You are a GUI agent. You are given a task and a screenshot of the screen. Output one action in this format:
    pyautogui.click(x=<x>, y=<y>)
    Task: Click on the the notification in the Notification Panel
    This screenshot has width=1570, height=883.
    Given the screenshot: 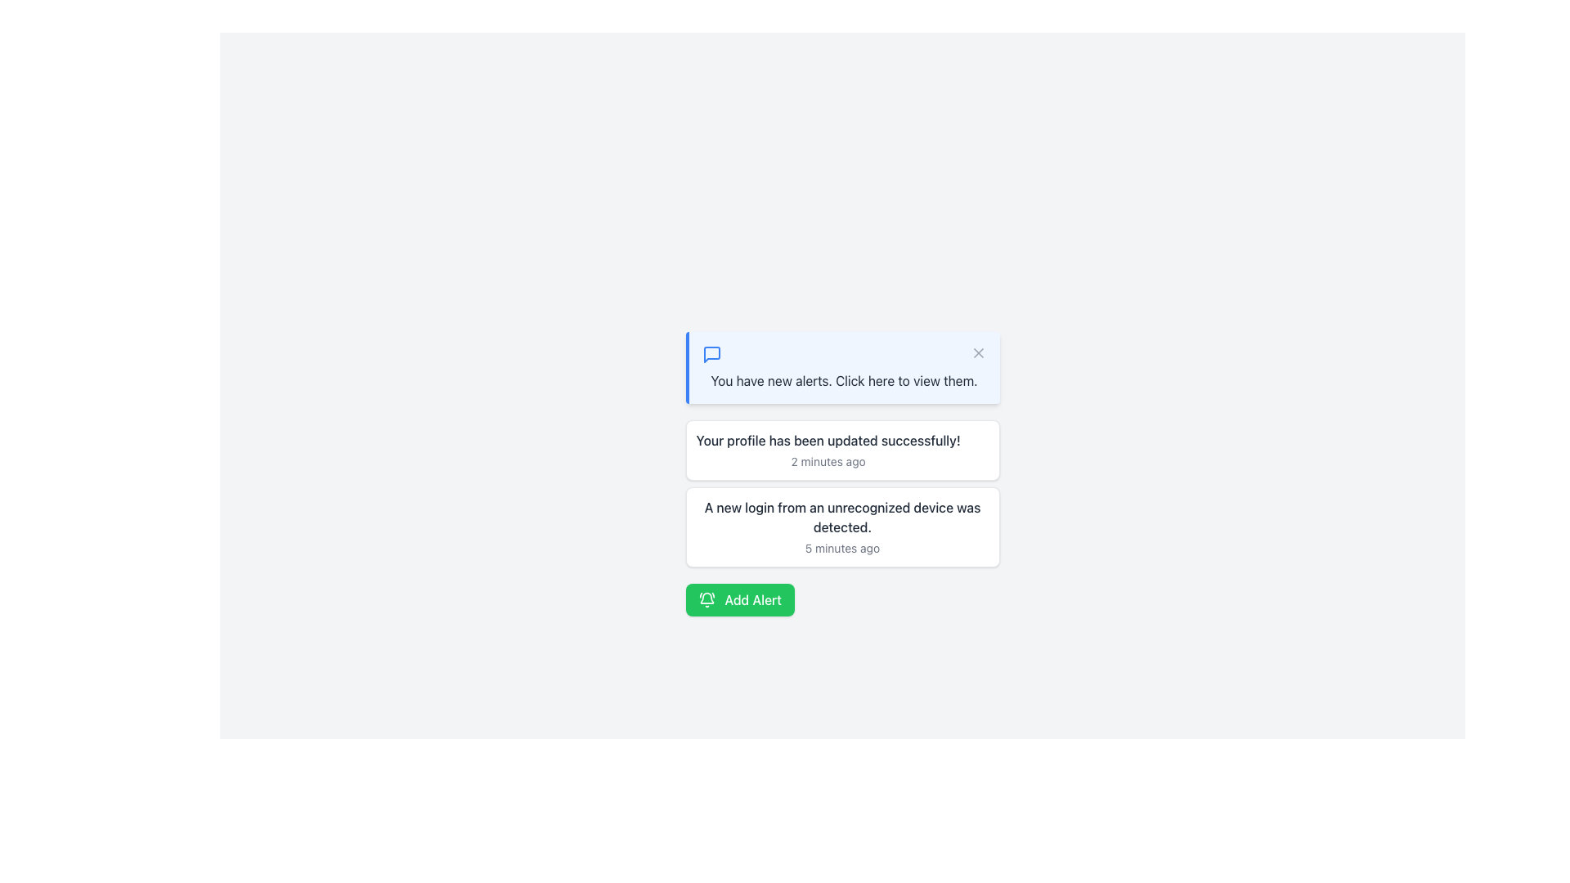 What is the action you would take?
    pyautogui.click(x=842, y=473)
    